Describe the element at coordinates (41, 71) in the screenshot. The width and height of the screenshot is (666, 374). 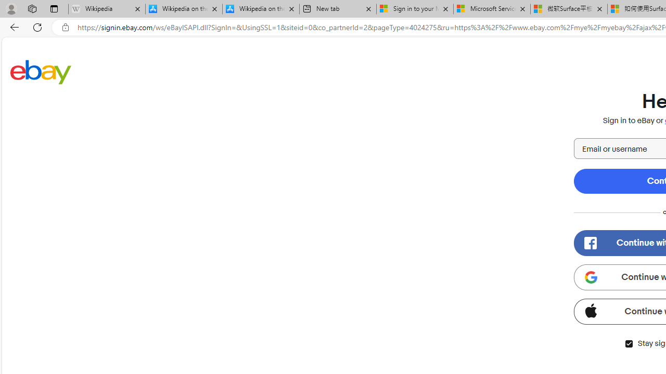
I see `'eBay Home'` at that location.